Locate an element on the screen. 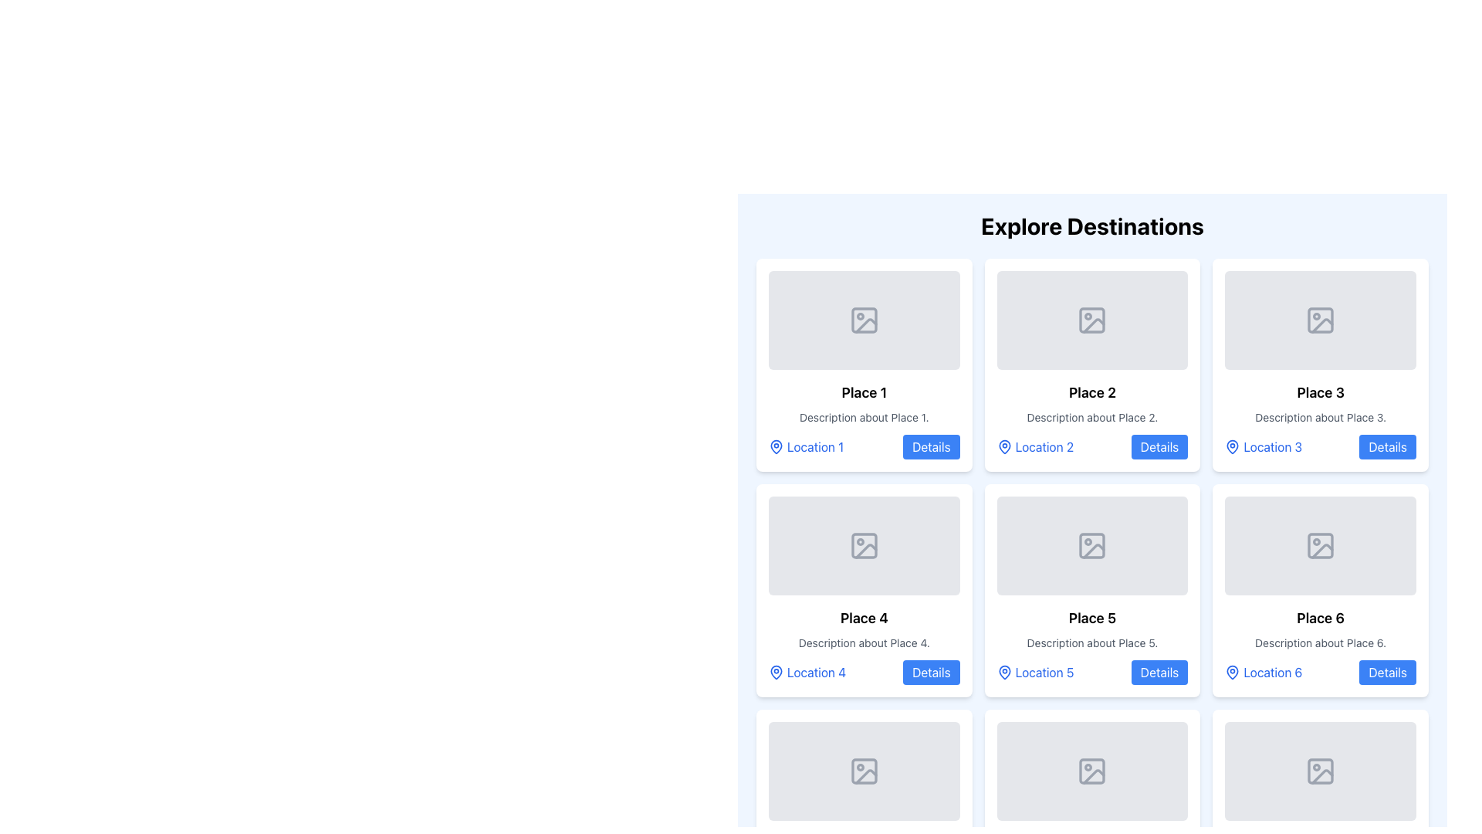  the visual placeholder icon located near the center of the placeholder area at the top of the first card in the grid layout is located at coordinates (863, 320).